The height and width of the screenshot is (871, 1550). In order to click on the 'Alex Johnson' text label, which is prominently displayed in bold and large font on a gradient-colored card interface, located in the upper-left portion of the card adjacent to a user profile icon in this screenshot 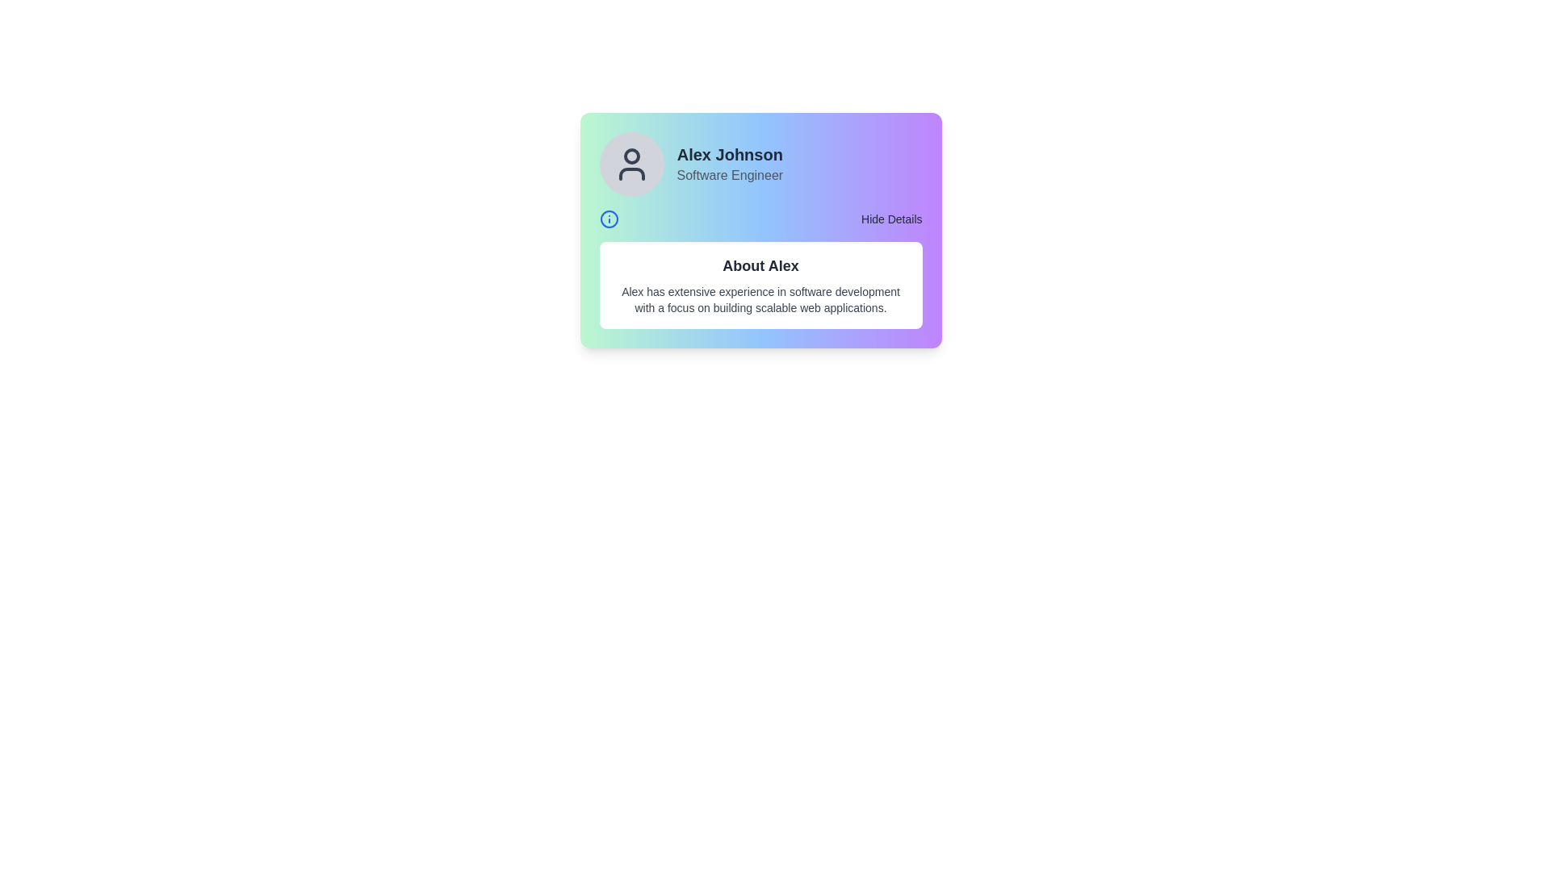, I will do `click(729, 155)`.